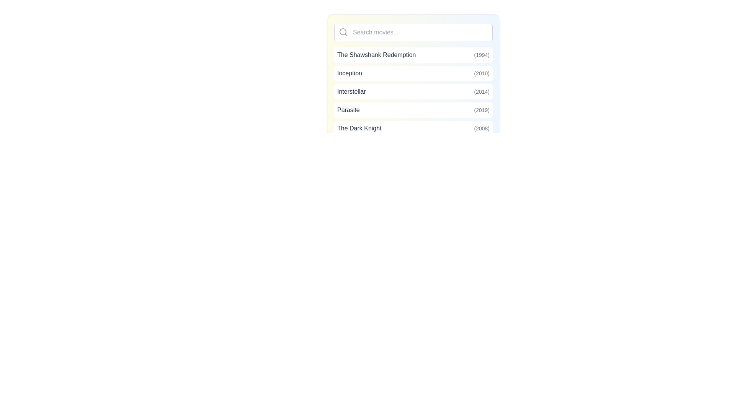  I want to click on the second item in the movie list representing 'Inception (2010)', so click(413, 73).